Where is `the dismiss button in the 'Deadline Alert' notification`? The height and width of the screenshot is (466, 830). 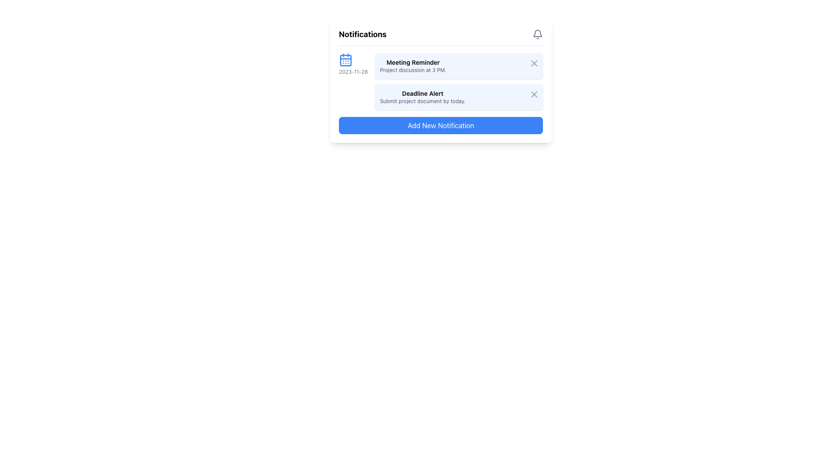 the dismiss button in the 'Deadline Alert' notification is located at coordinates (534, 94).